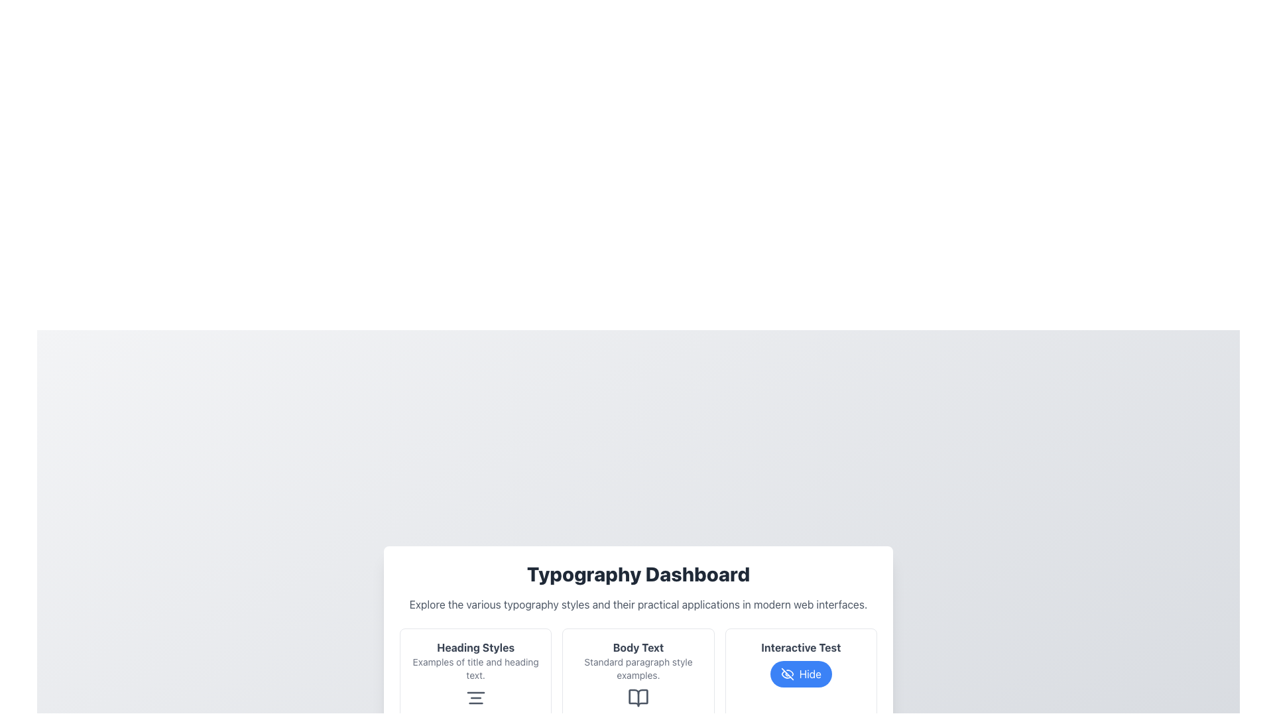 This screenshot has height=716, width=1273. I want to click on text label that states 'Explore the various typography styles and their practical applications in modern web interfaces.' located under the 'Typography Dashboard' heading in the bordered white card interface, so click(638, 604).